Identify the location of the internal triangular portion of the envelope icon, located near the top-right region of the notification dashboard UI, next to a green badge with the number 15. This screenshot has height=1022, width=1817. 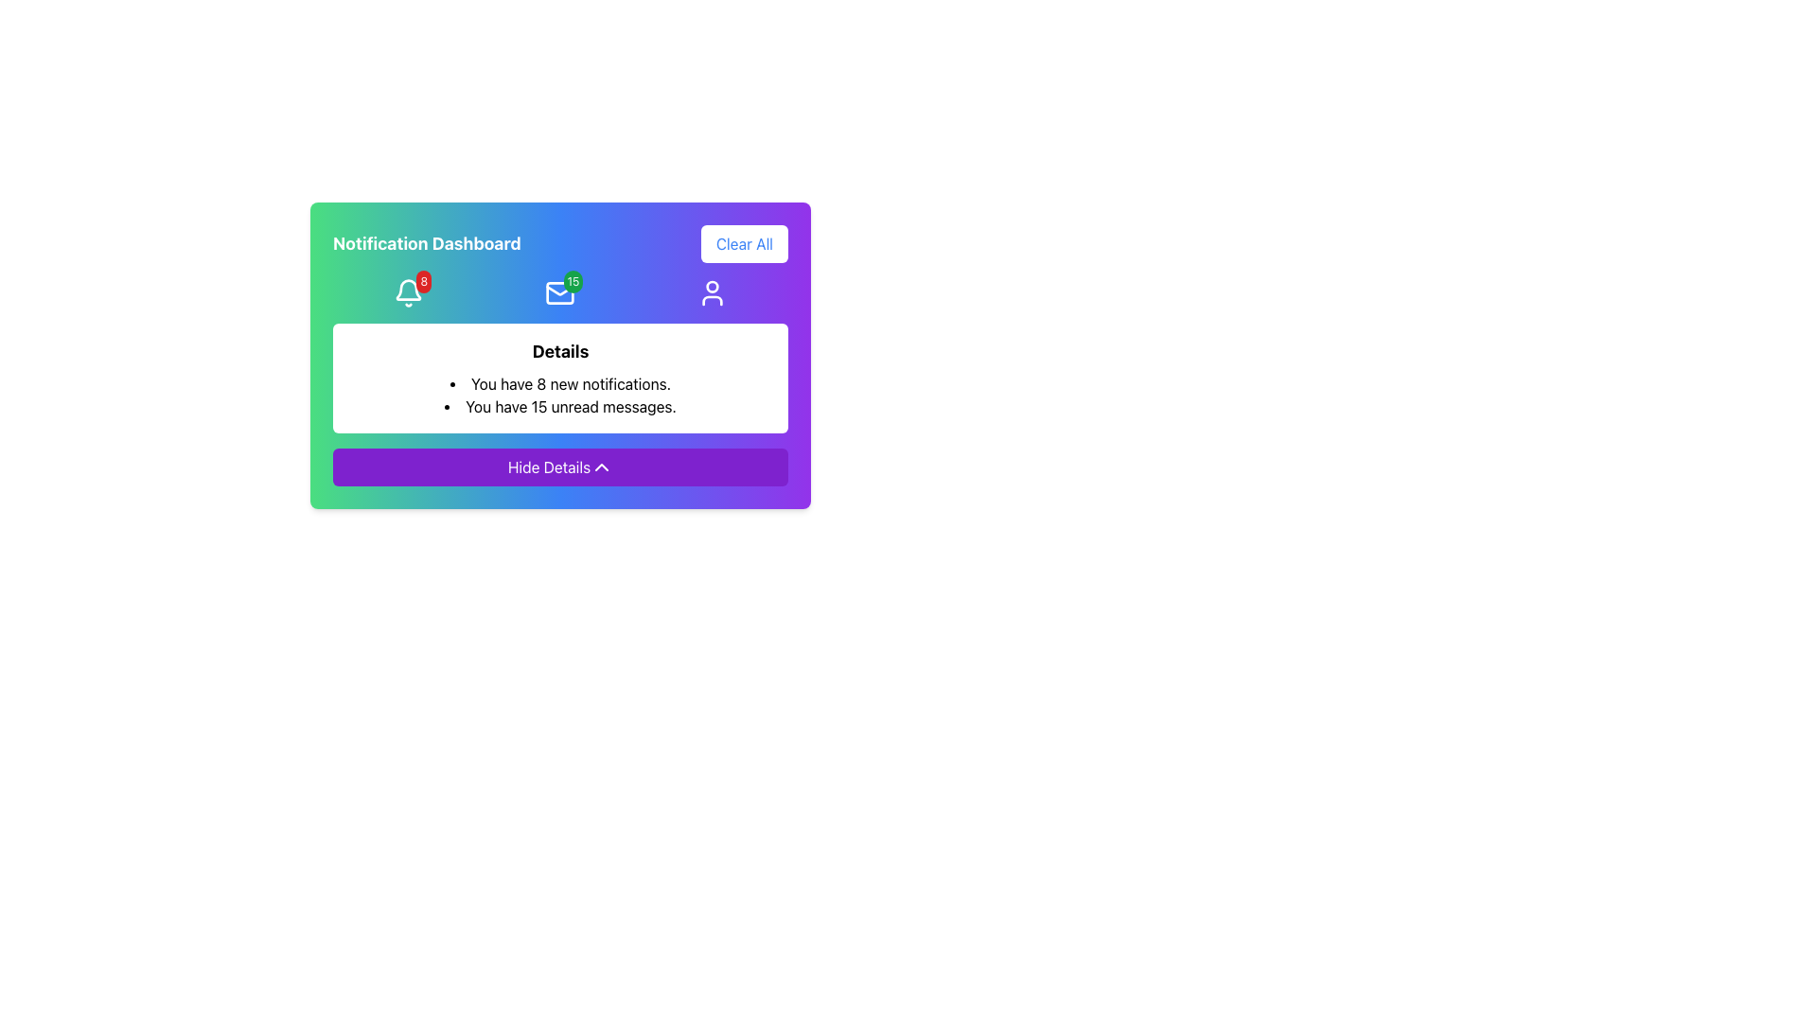
(559, 291).